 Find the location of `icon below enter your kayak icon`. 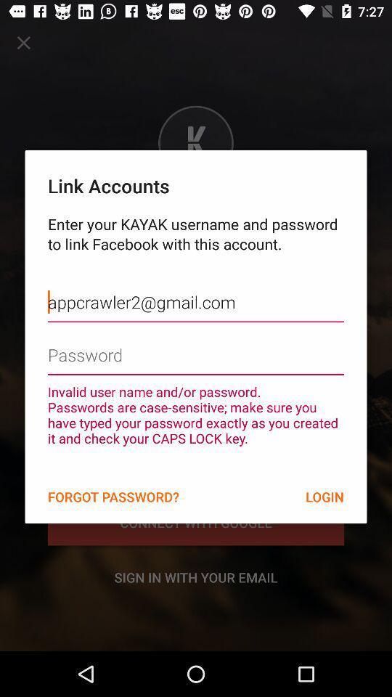

icon below enter your kayak icon is located at coordinates (196, 290).